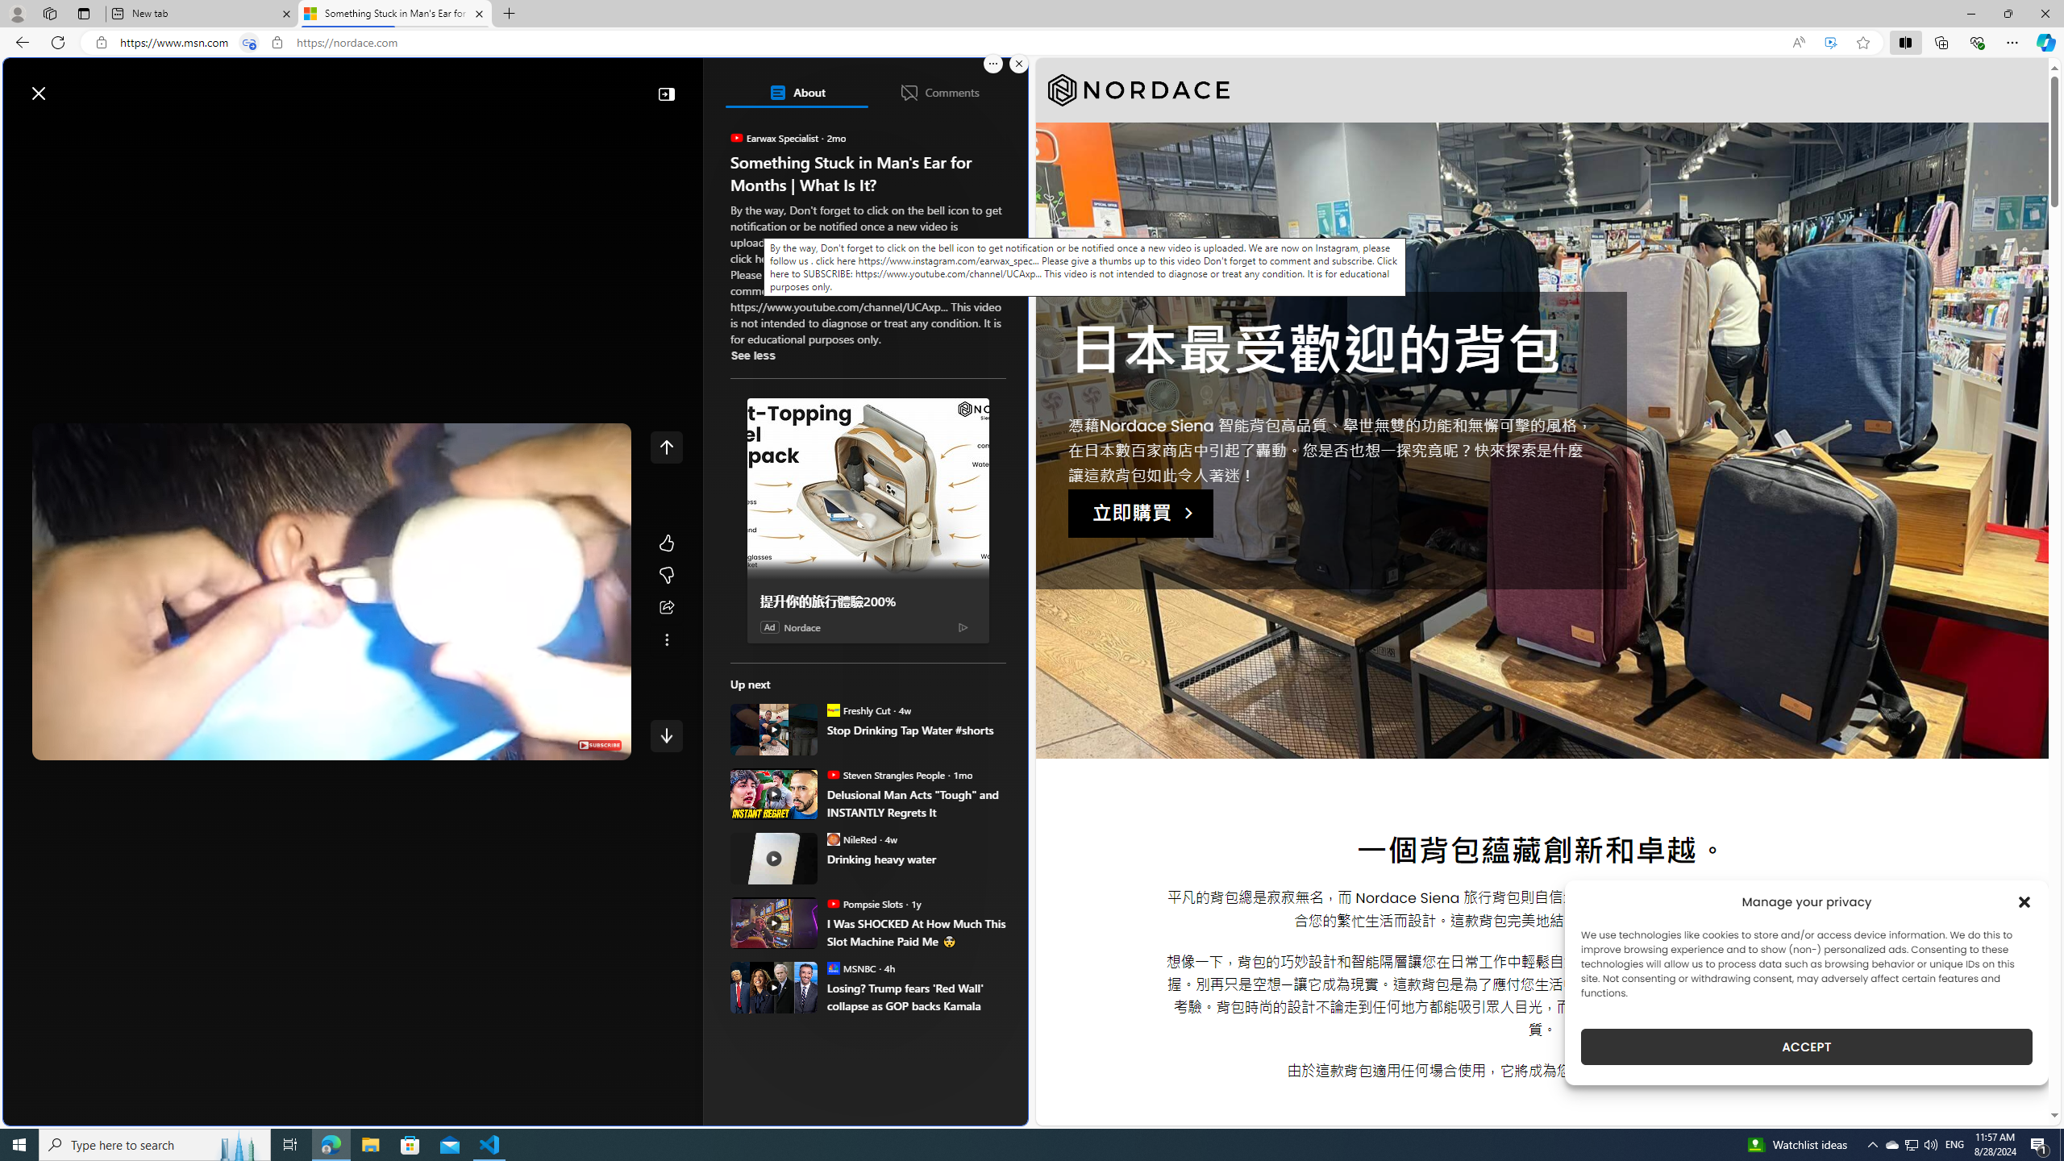 This screenshot has width=2064, height=1161. Describe the element at coordinates (768, 626) in the screenshot. I see `'Ad'` at that location.